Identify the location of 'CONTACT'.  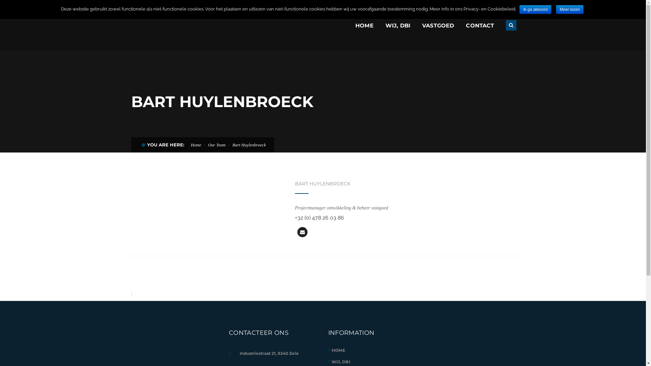
(479, 25).